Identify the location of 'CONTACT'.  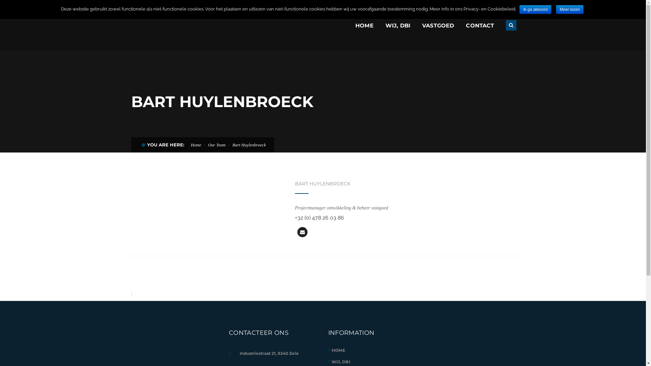
(479, 25).